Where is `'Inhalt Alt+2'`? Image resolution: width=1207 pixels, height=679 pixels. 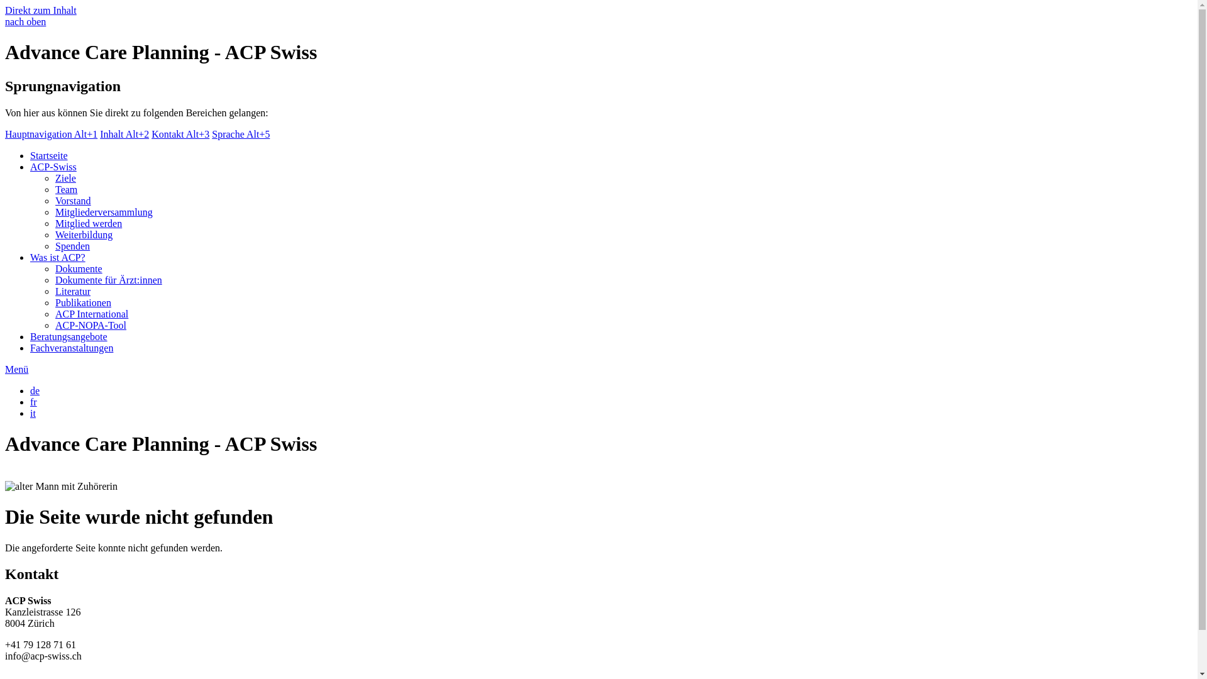 'Inhalt Alt+2' is located at coordinates (124, 134).